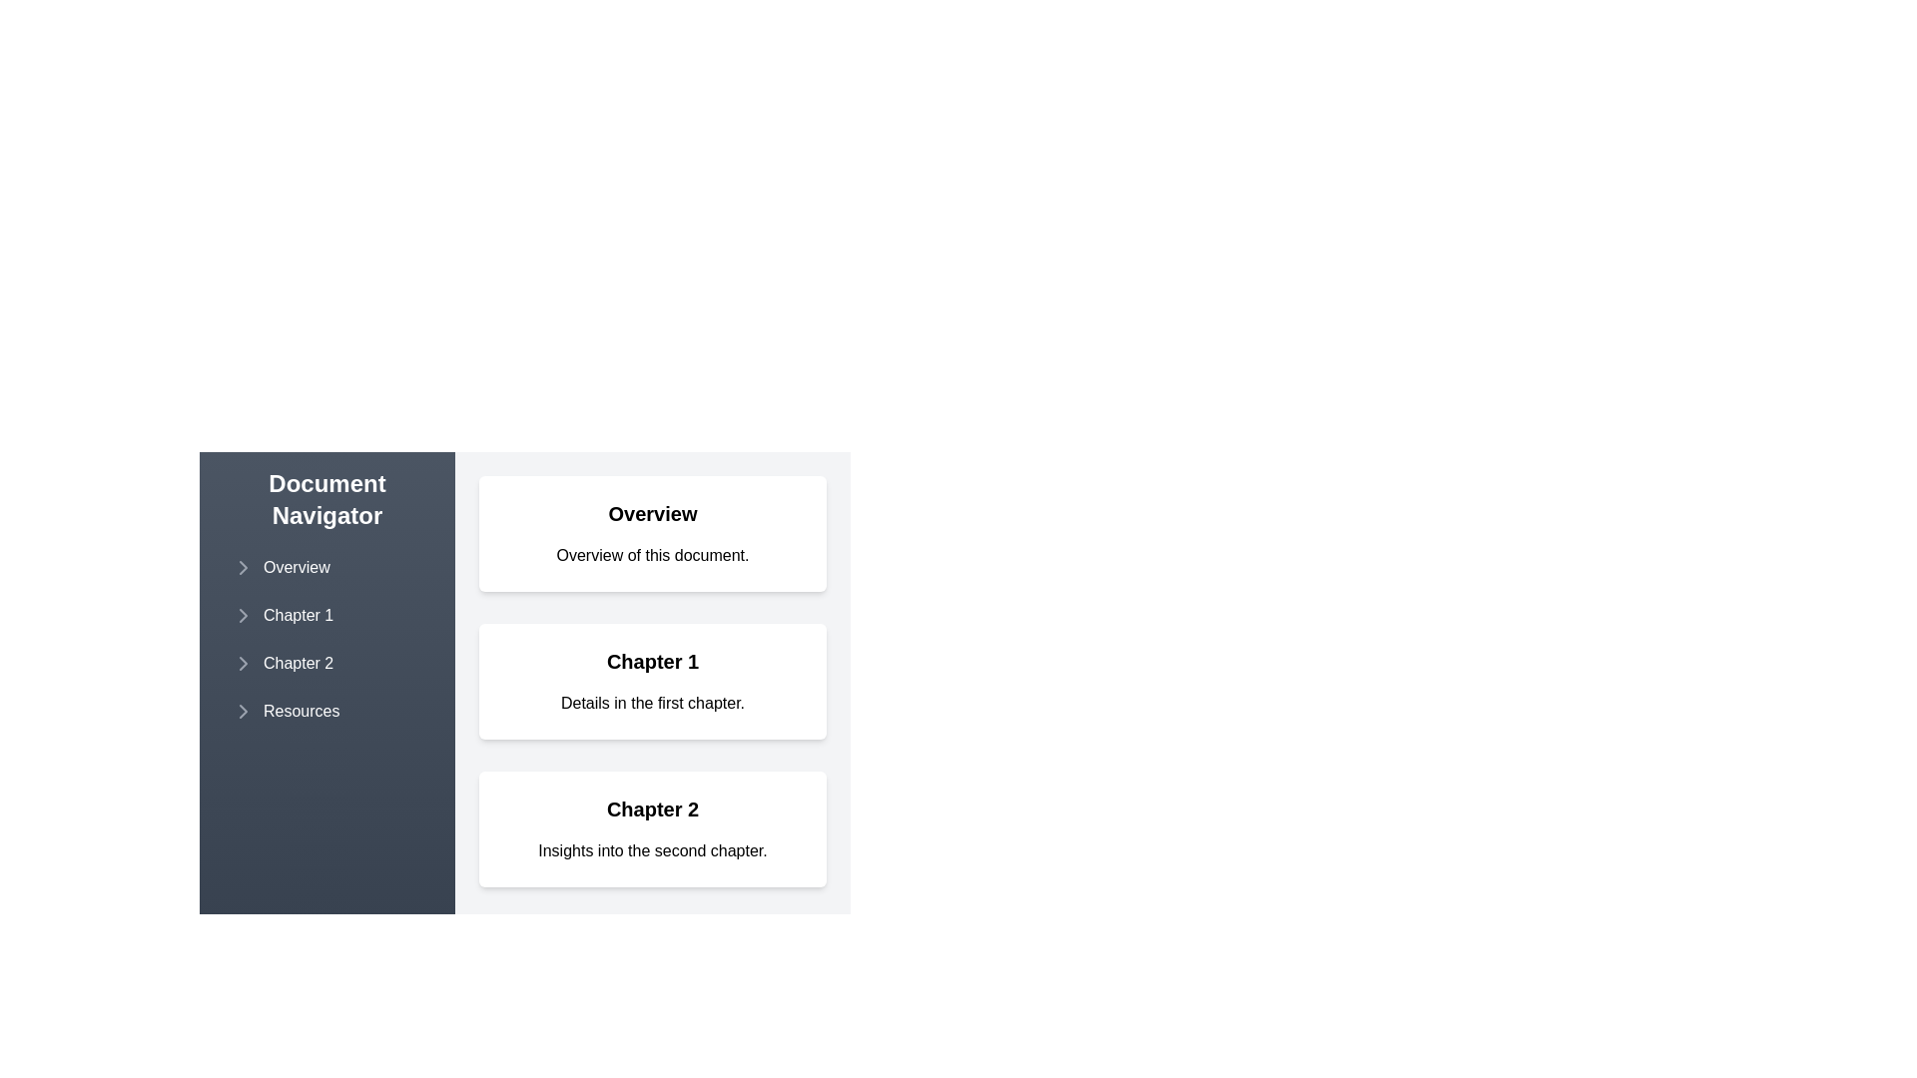 Image resolution: width=1917 pixels, height=1078 pixels. What do you see at coordinates (243, 568) in the screenshot?
I see `the Chevron icon located at the start of the 'Overview' menu item in the Document Navigator for additional visual feedback` at bounding box center [243, 568].